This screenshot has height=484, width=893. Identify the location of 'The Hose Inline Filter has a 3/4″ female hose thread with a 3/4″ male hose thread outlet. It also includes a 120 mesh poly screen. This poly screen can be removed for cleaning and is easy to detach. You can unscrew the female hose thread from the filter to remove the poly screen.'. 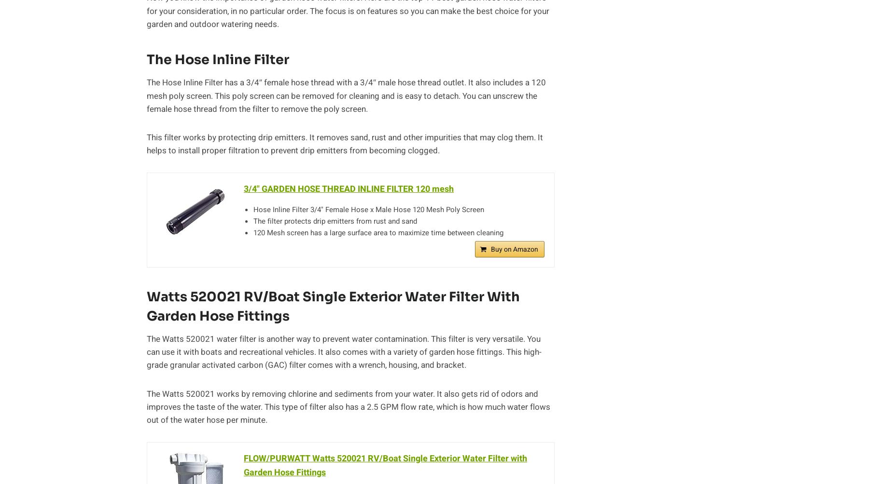
(346, 95).